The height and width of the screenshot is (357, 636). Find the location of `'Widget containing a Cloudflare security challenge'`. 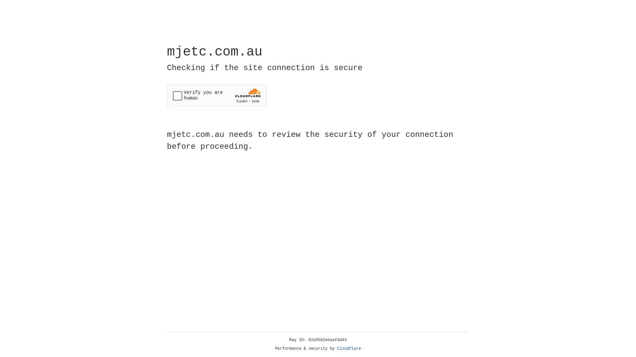

'Widget containing a Cloudflare security challenge' is located at coordinates (216, 95).